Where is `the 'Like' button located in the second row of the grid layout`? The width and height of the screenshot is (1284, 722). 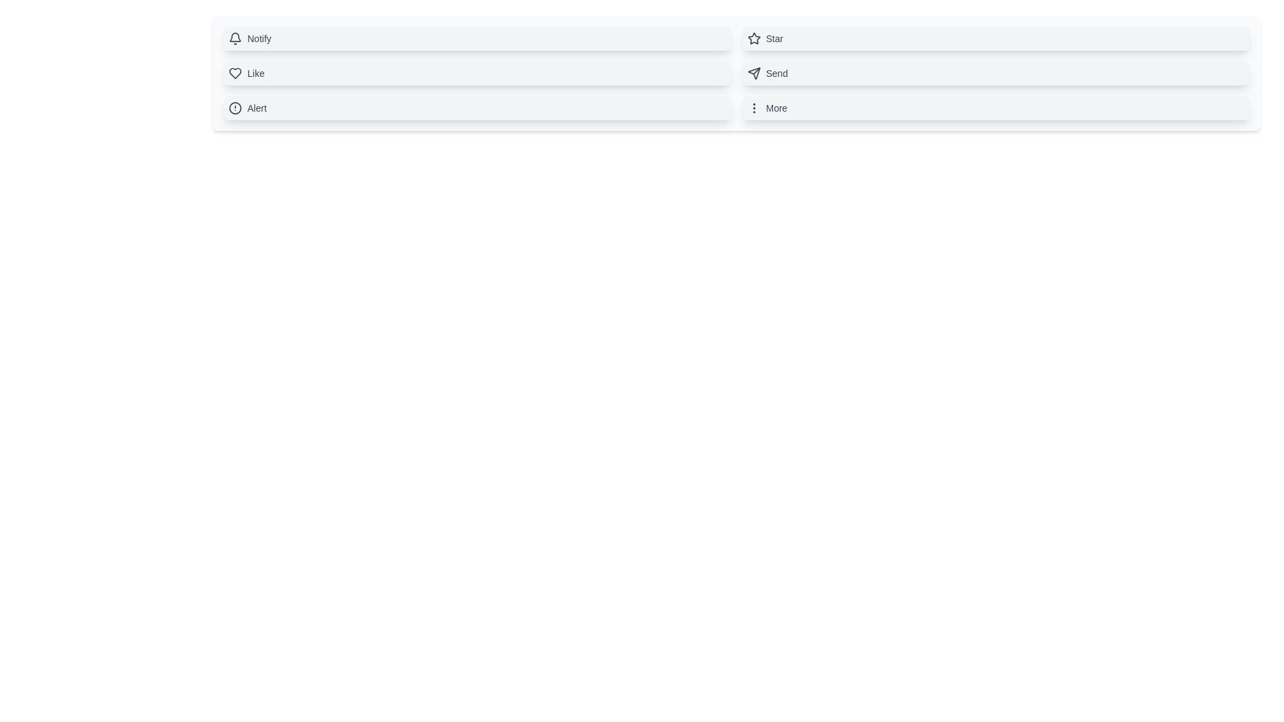 the 'Like' button located in the second row of the grid layout is located at coordinates (477, 74).